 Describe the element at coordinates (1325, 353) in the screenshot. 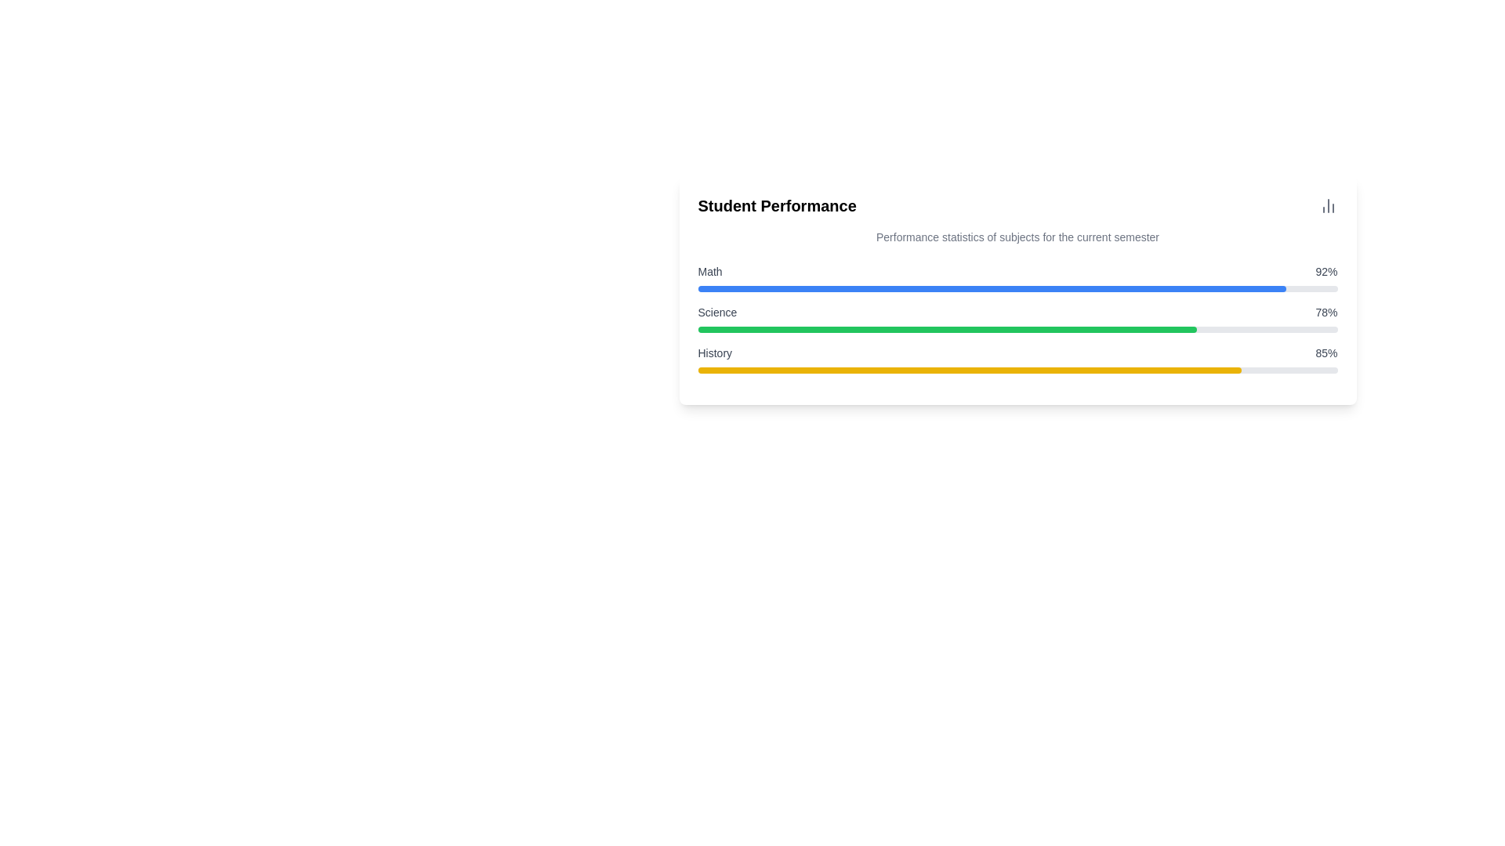

I see `displayed numerical percentage value from the text label located to the right of the yellow progress bar in the 'History' section of performance indicators` at that location.